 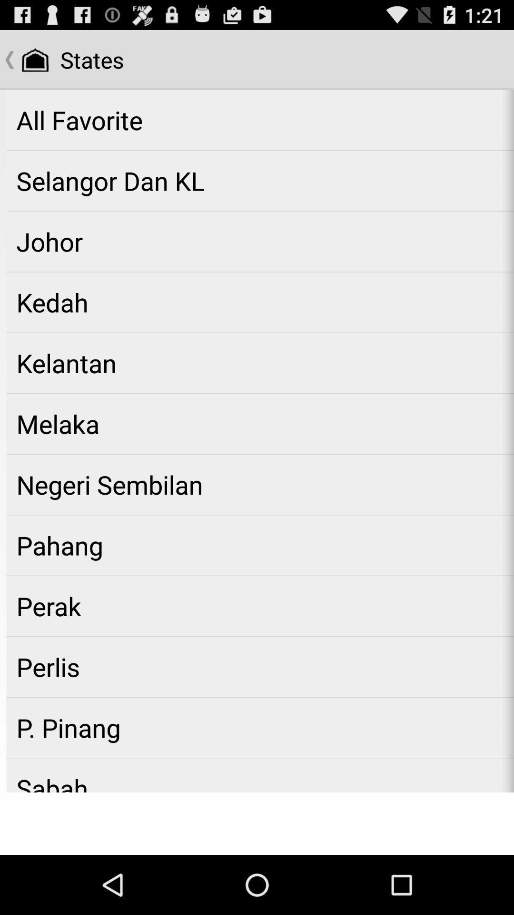 I want to click on all favorite app, so click(x=260, y=120).